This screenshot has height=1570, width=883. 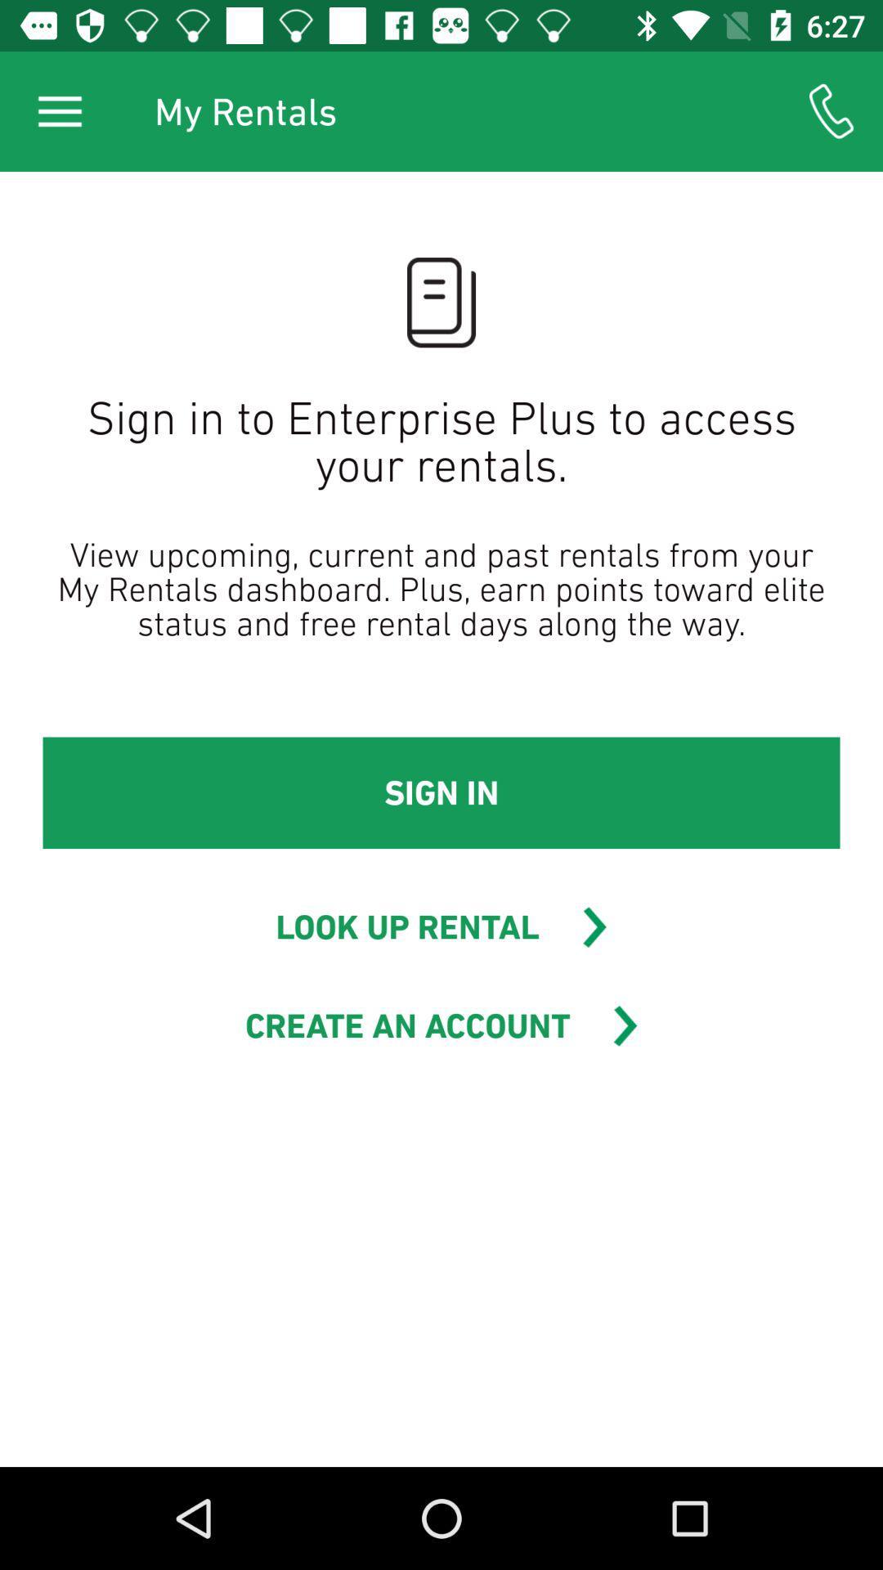 I want to click on item at the top right corner, so click(x=831, y=110).